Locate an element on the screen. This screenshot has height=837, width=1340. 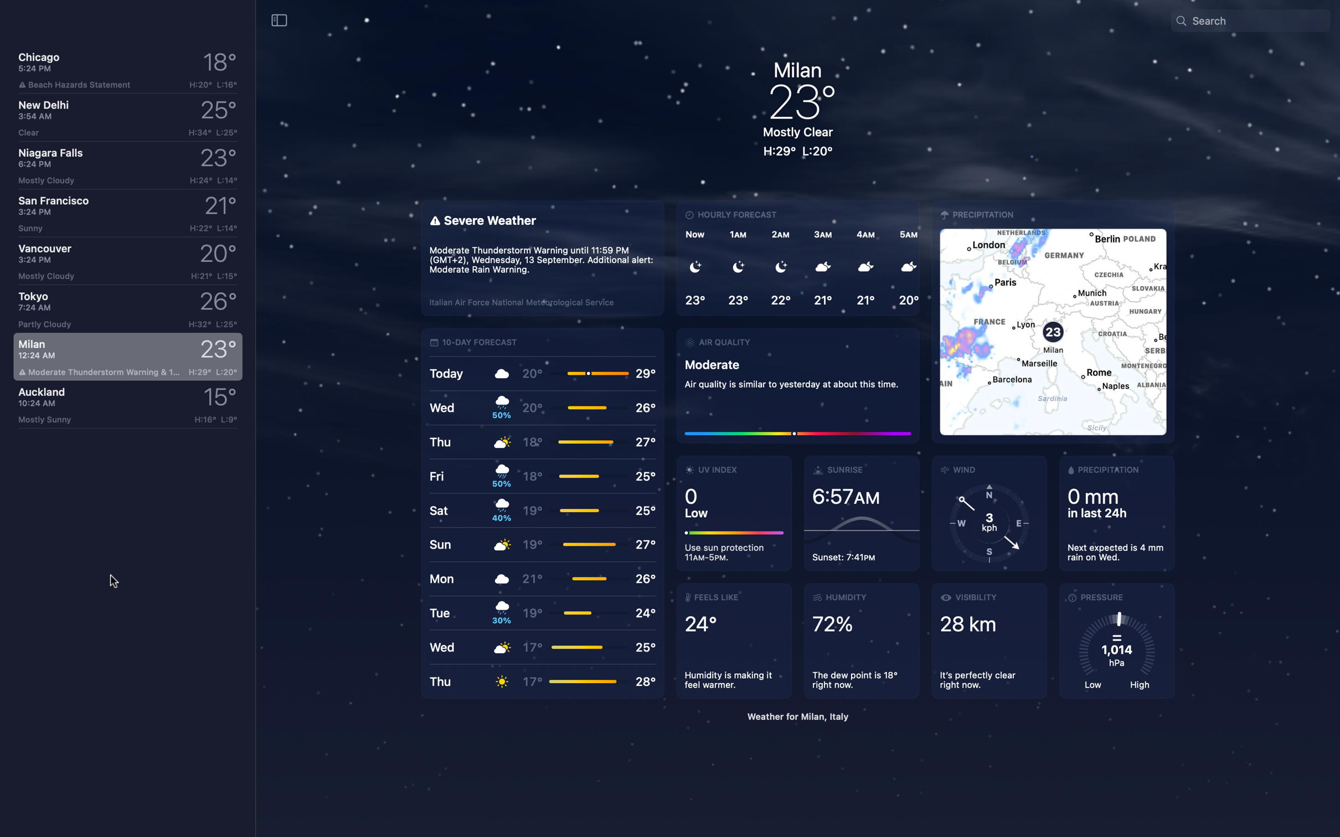
Check wind status in map view is located at coordinates (1053, 322).